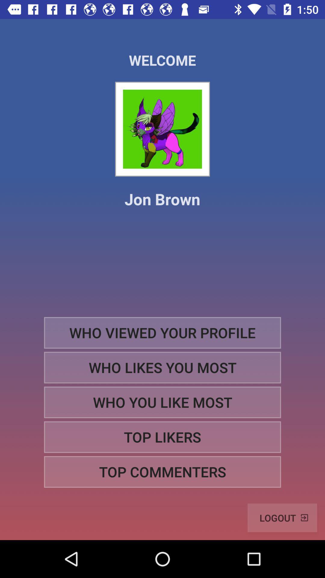 This screenshot has height=578, width=325. I want to click on icon above logout, so click(162, 471).